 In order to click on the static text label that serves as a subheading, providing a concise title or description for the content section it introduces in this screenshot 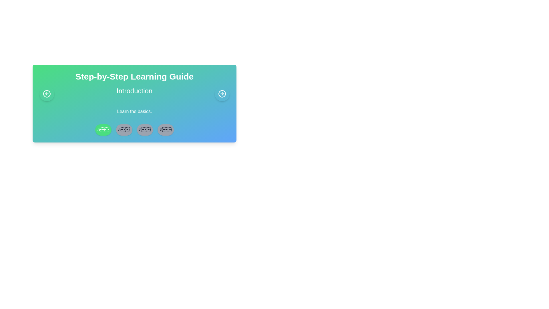, I will do `click(134, 90)`.